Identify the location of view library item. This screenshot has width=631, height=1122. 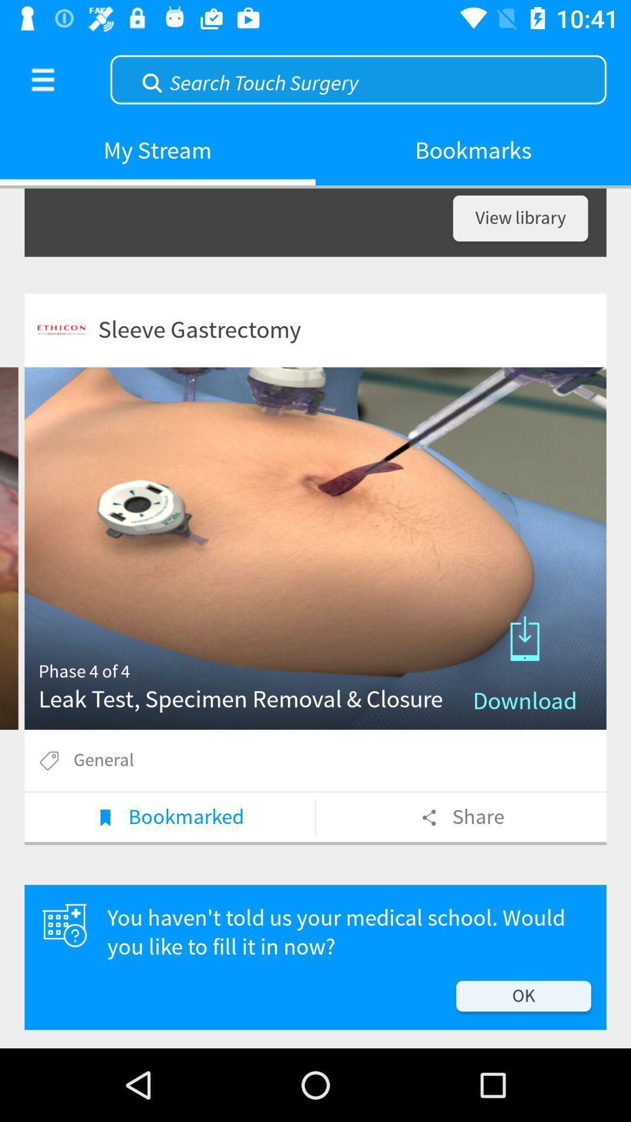
(520, 218).